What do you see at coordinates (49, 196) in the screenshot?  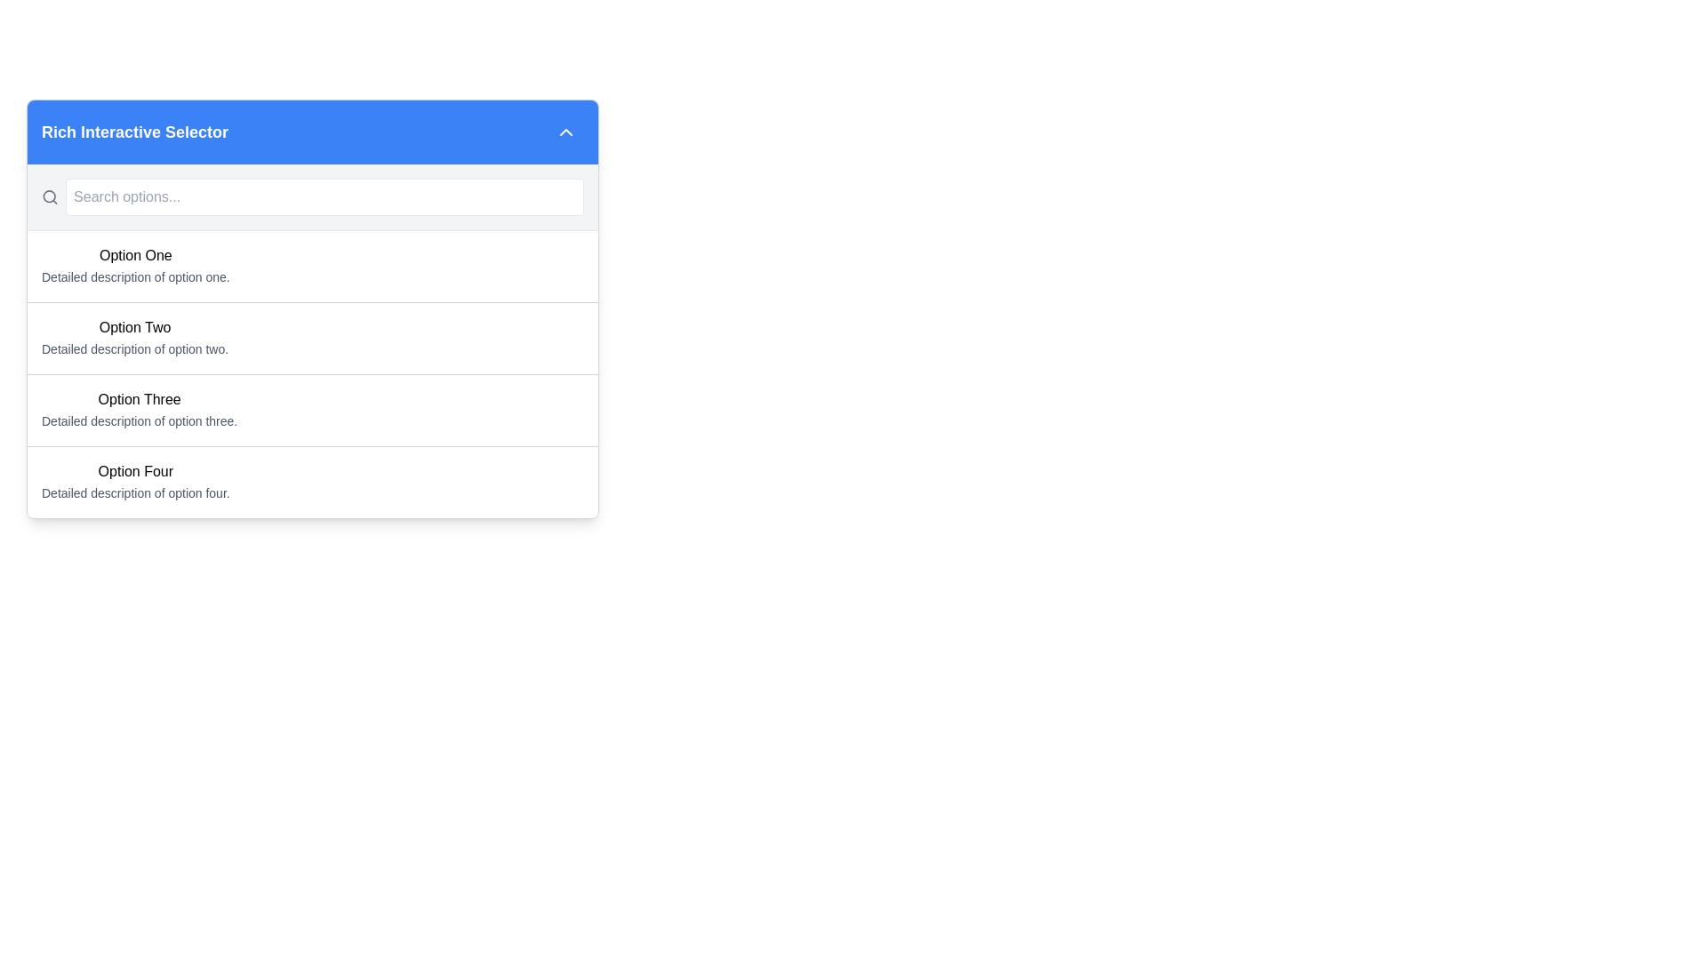 I see `the circular shape of the search icon located at the top-left corner of the interactive selector panel, adjacent to the input field` at bounding box center [49, 196].